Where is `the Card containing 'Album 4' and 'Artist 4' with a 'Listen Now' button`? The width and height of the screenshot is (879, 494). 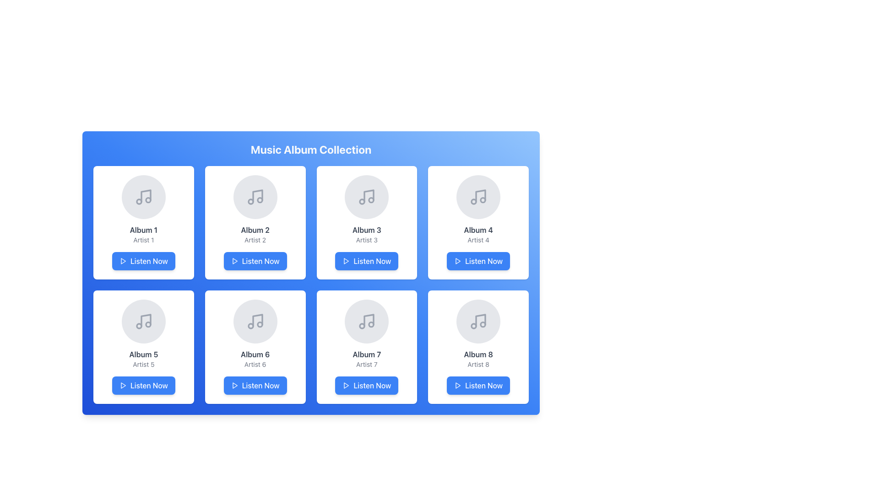 the Card containing 'Album 4' and 'Artist 4' with a 'Listen Now' button is located at coordinates (478, 222).